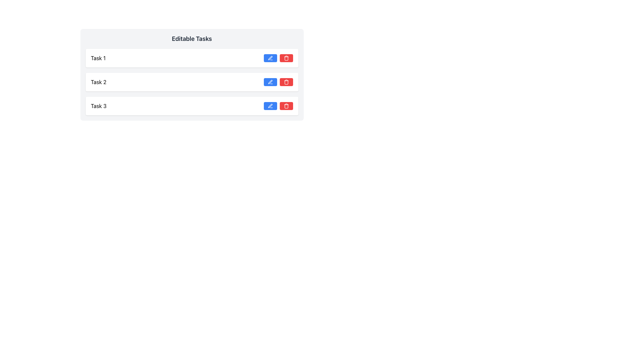 The image size is (638, 359). What do you see at coordinates (191, 58) in the screenshot?
I see `the first task item in the list, labeled 'Task 1'` at bounding box center [191, 58].